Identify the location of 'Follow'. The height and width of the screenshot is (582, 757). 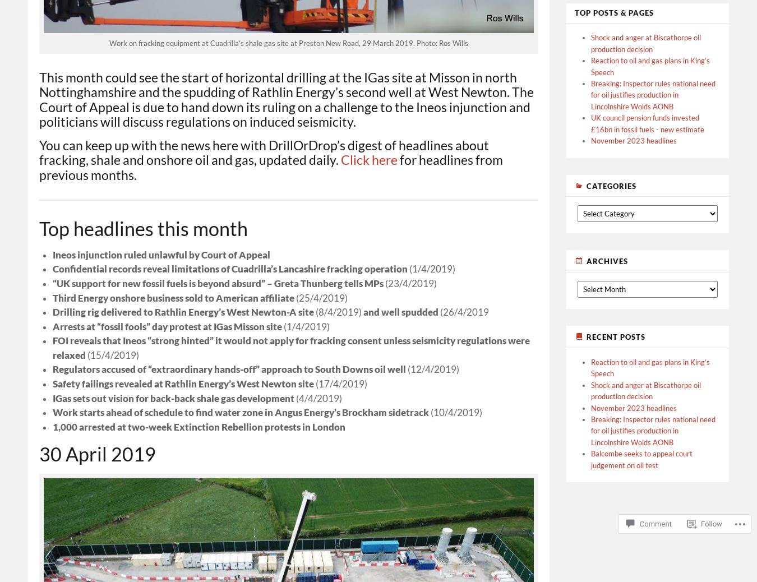
(711, 524).